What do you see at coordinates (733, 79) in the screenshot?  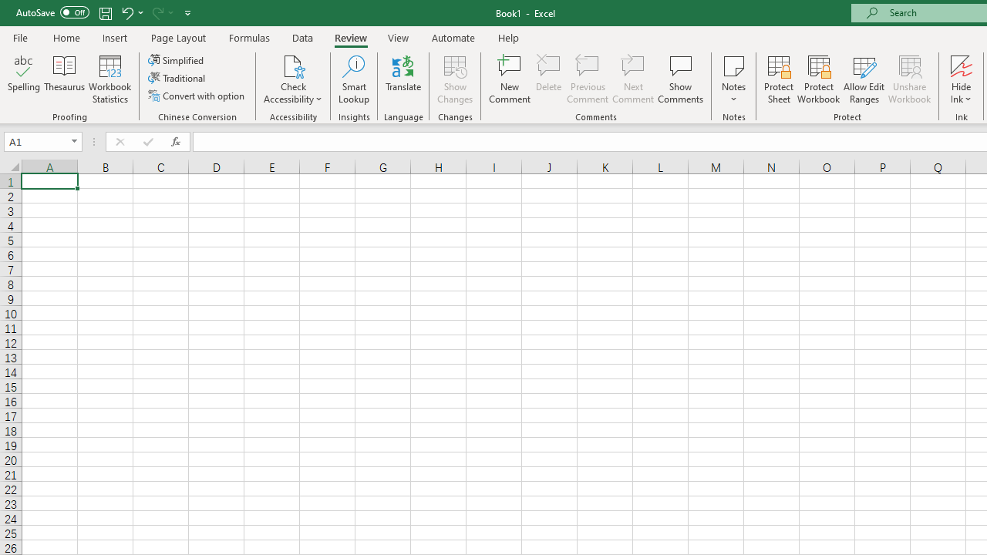 I see `'Notes'` at bounding box center [733, 79].